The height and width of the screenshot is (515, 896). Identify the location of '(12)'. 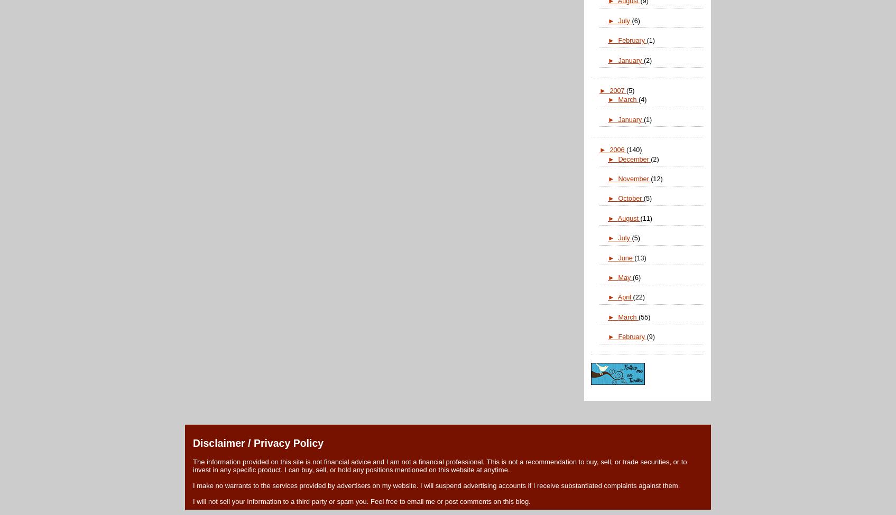
(655, 178).